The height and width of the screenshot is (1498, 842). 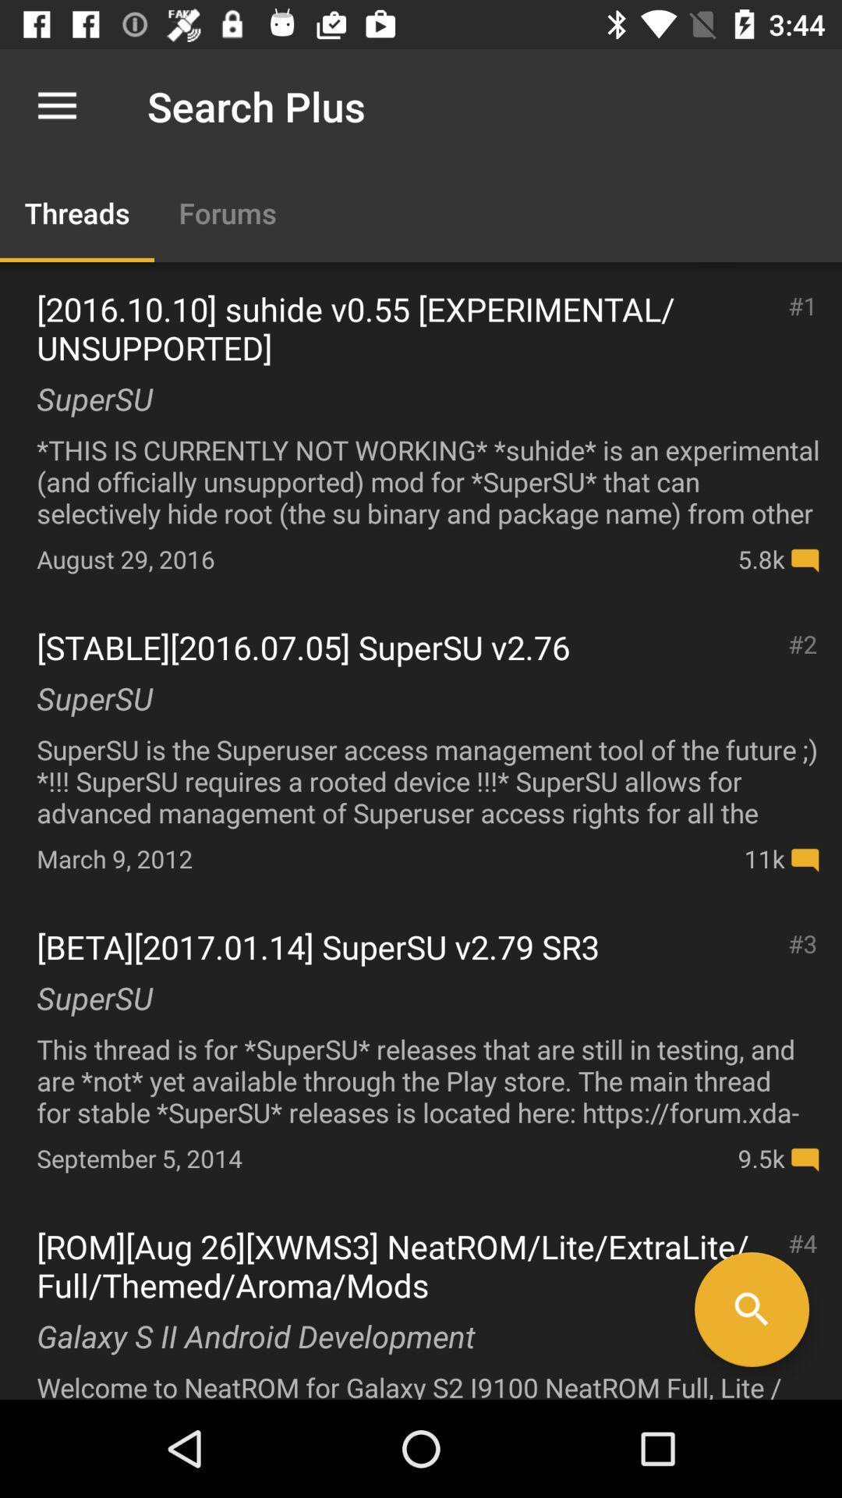 I want to click on the icon to the left of the search plus icon, so click(x=56, y=105).